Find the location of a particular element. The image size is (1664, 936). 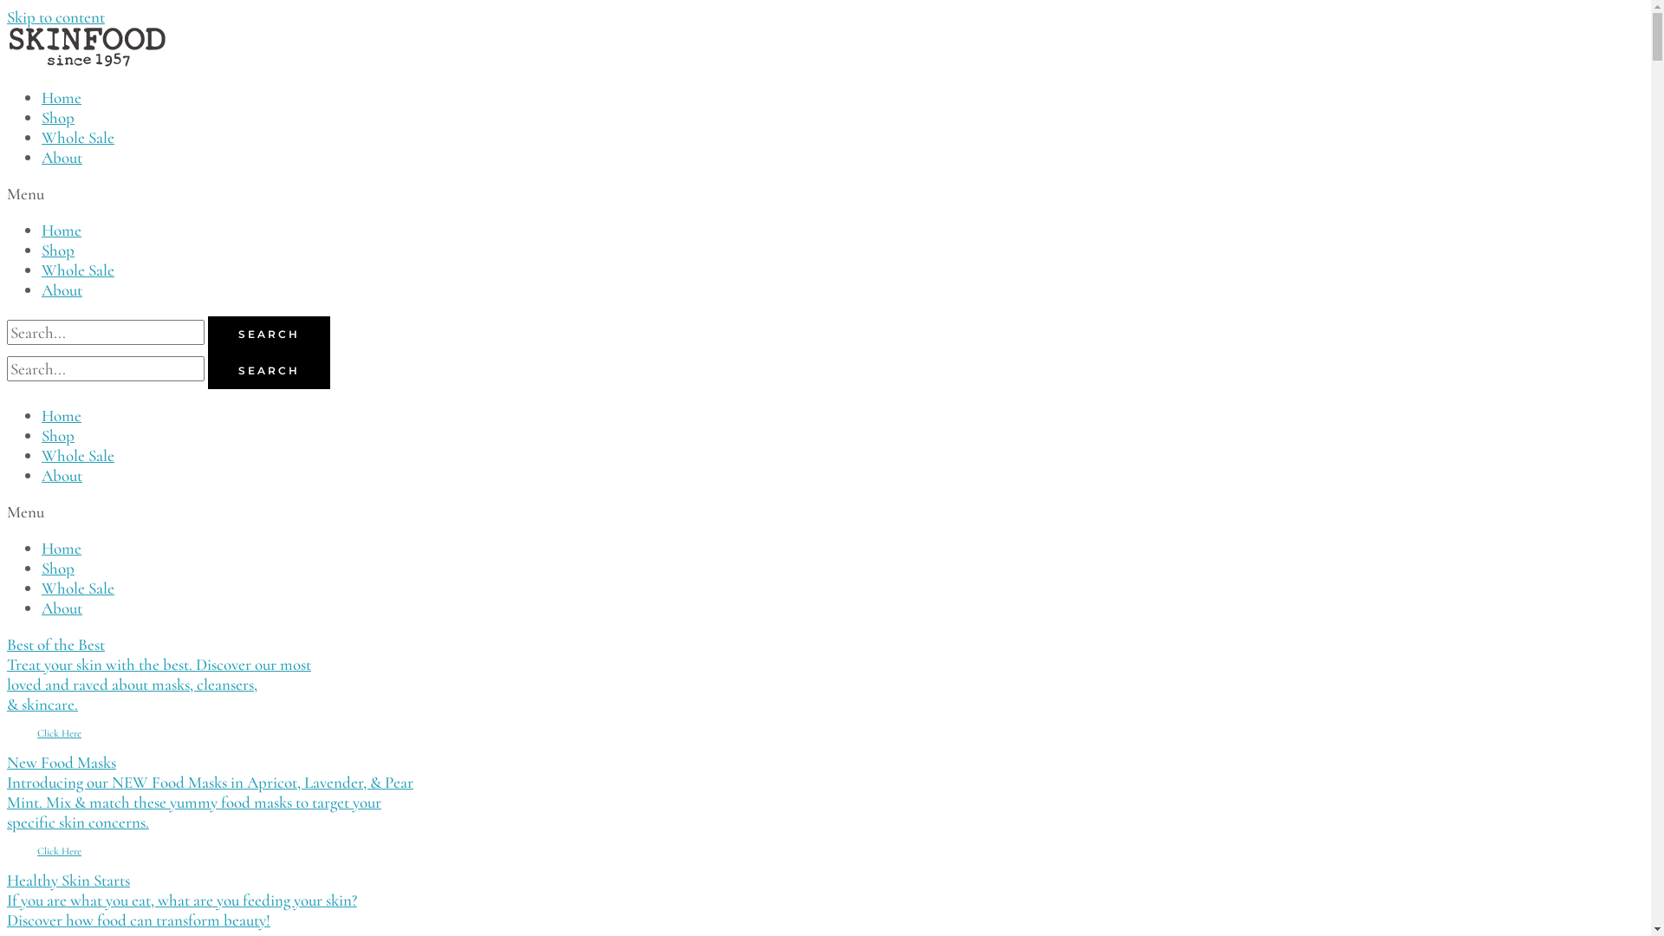

'SEARCH' is located at coordinates (268, 334).